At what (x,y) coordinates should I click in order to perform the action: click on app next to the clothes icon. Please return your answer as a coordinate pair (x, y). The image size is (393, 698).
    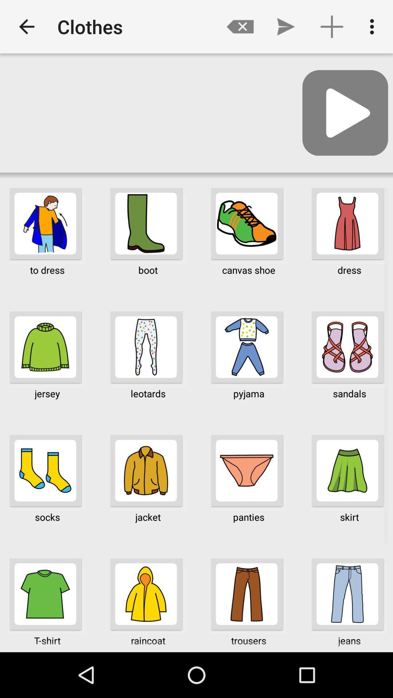
    Looking at the image, I should click on (240, 27).